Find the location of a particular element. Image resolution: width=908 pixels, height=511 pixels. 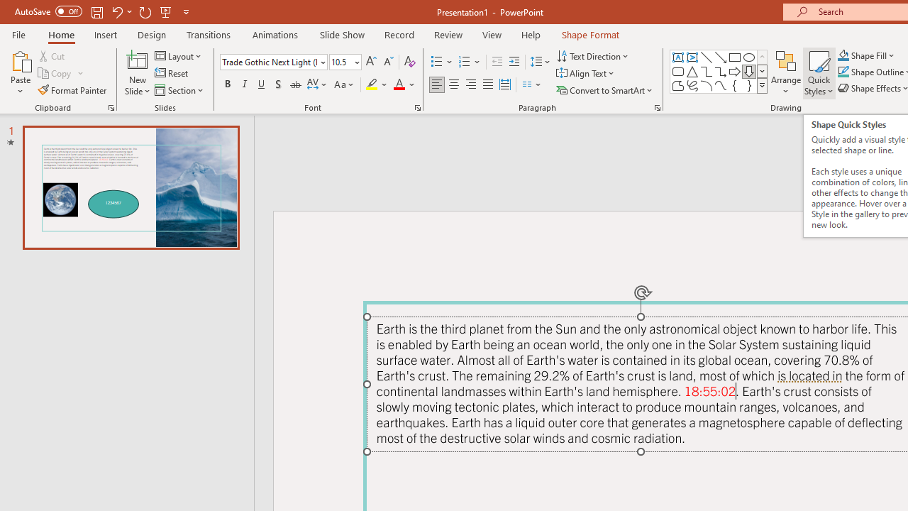

'Character Spacing' is located at coordinates (317, 84).